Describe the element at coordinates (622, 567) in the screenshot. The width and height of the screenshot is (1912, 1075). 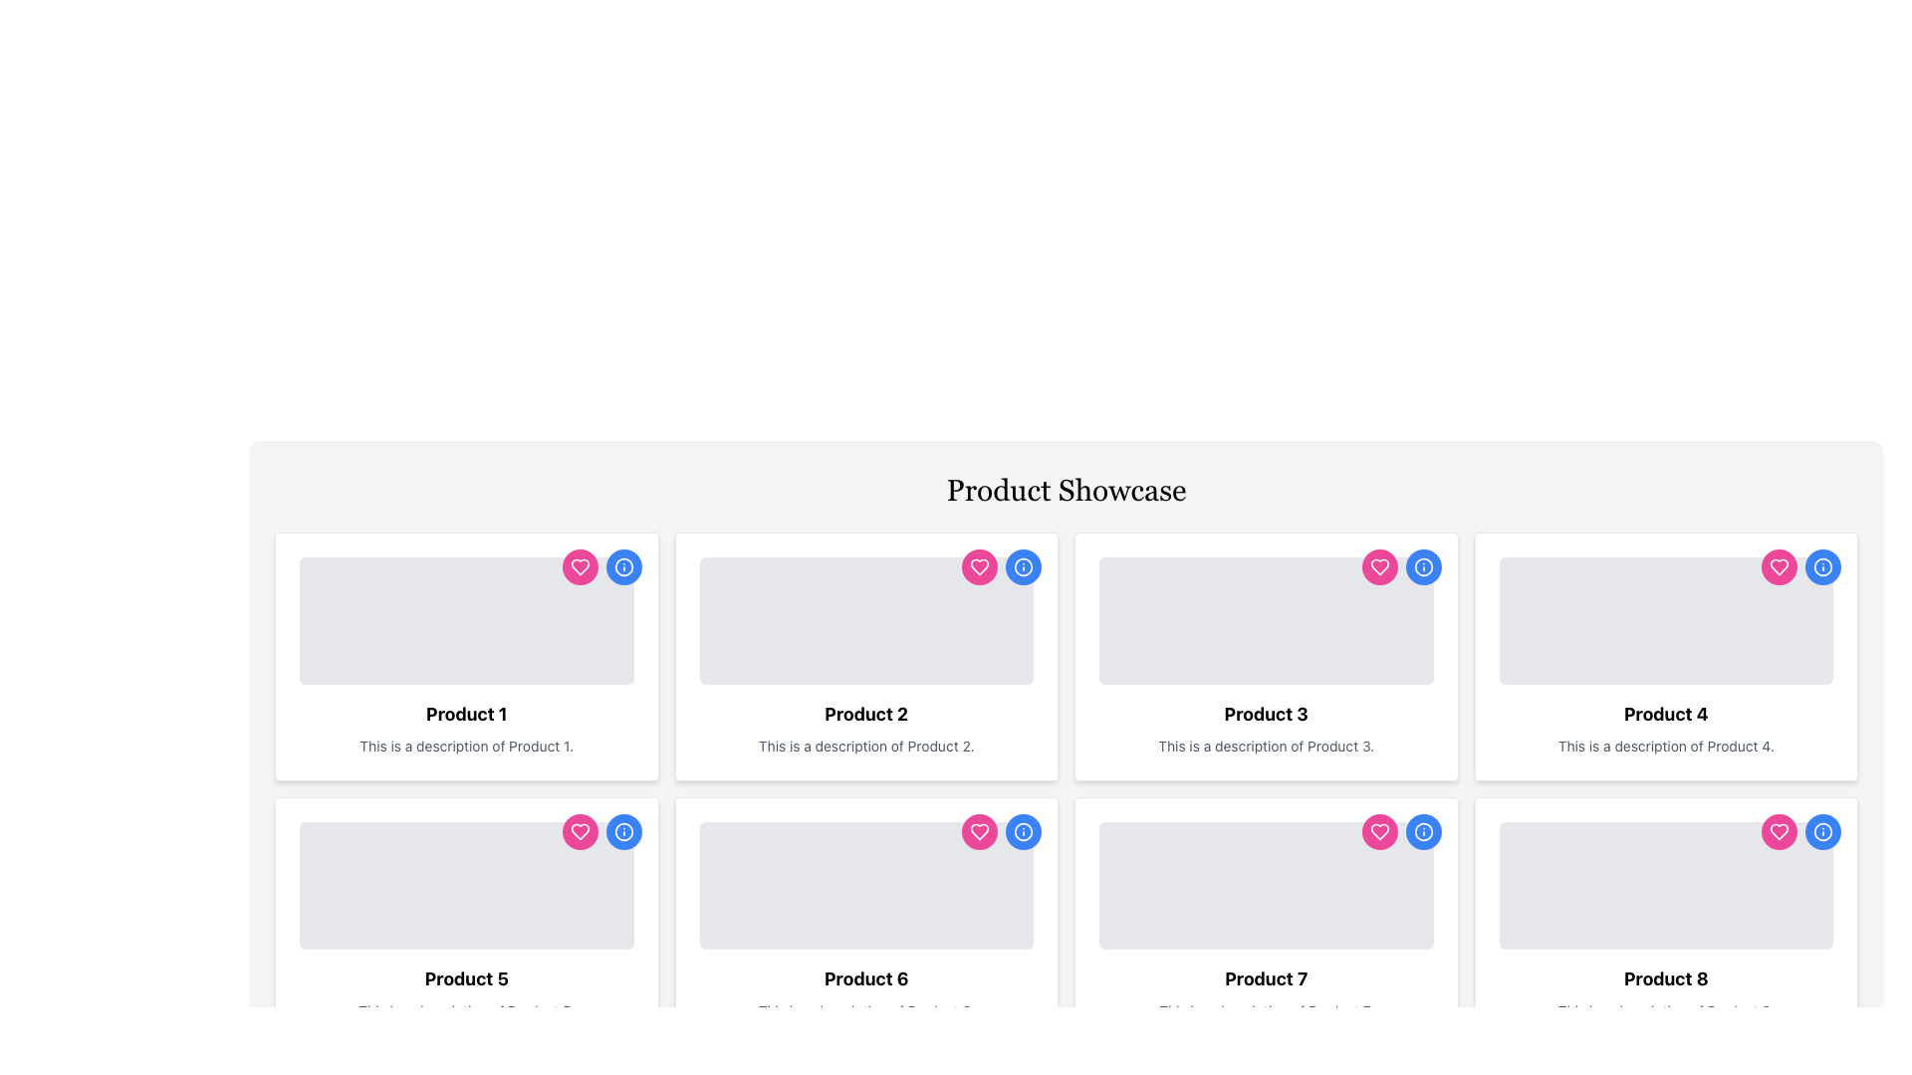
I see `the button located in the top-right corner of the card for 'Product 1', which is the second button in the row of interactive icons` at that location.